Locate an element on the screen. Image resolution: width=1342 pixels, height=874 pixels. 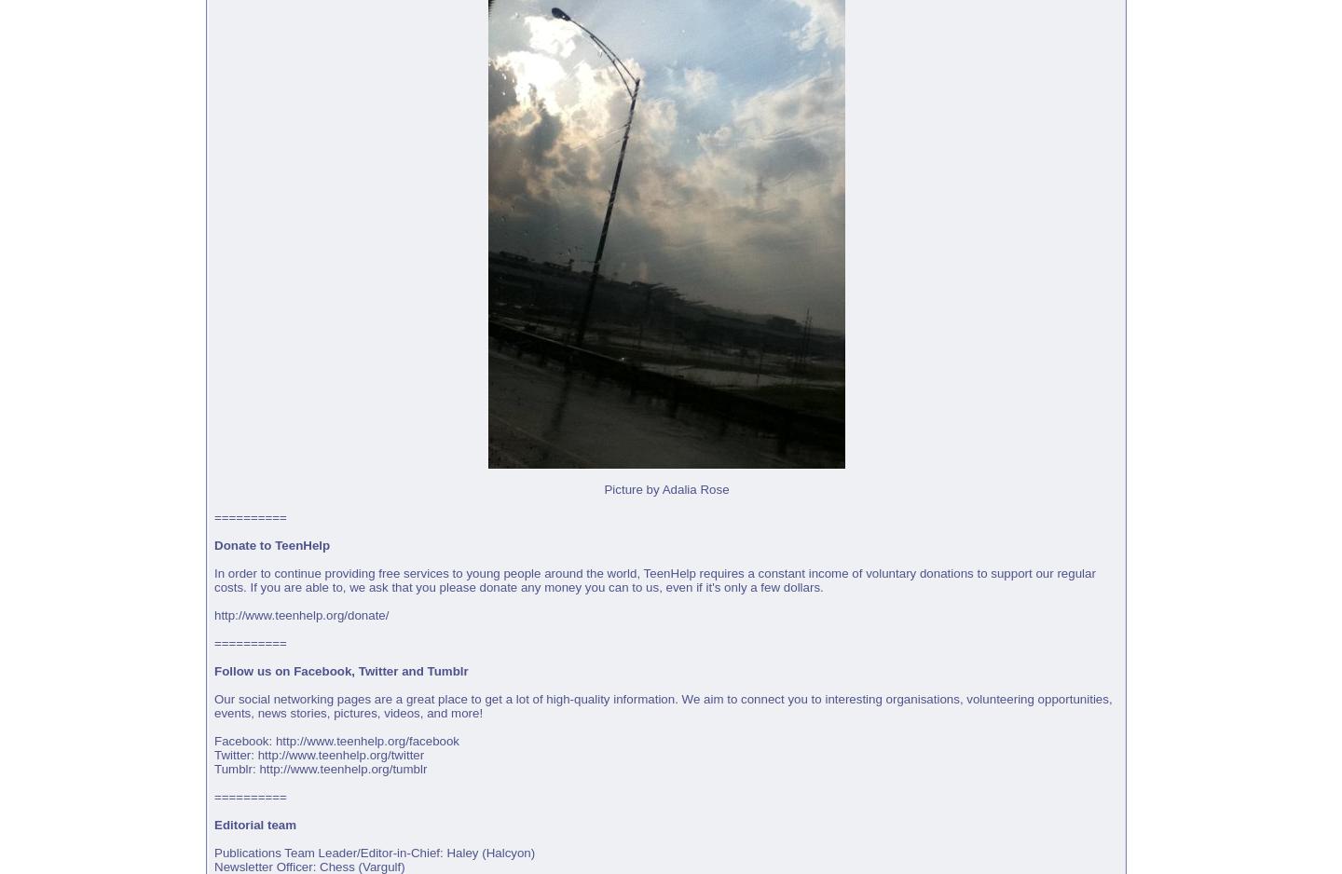
'In order to continue providing free services to young people around the world, TeenHelp requires a constant income of voluntary donations to support our regular costs. If you are able to, we ask that you please donate any money you can to us, even if it's only a few dollars.' is located at coordinates (654, 580).